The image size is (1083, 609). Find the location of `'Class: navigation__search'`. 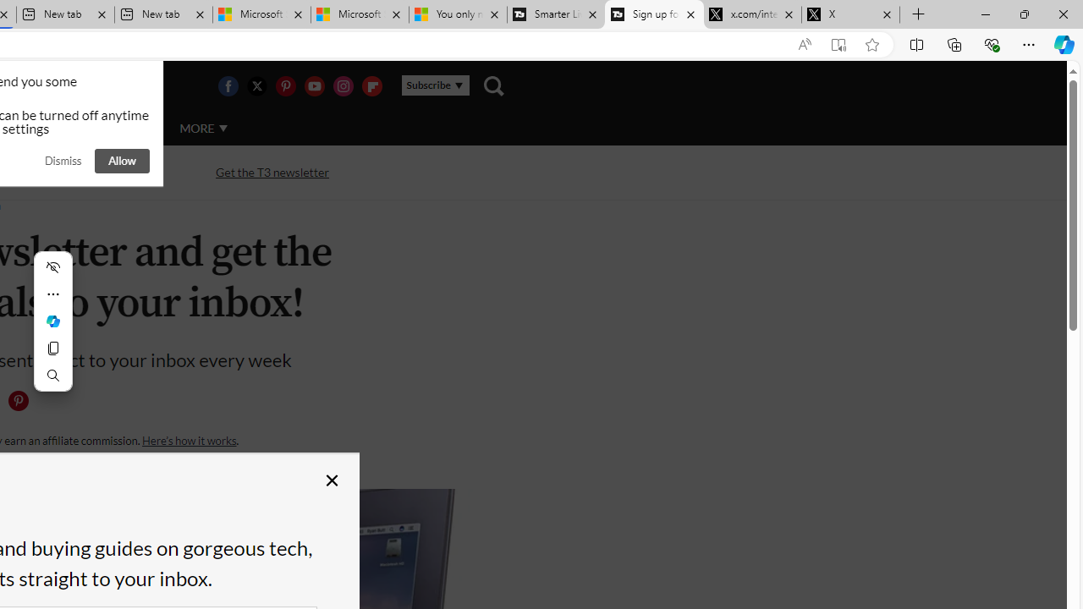

'Class: navigation__search' is located at coordinates (492, 85).